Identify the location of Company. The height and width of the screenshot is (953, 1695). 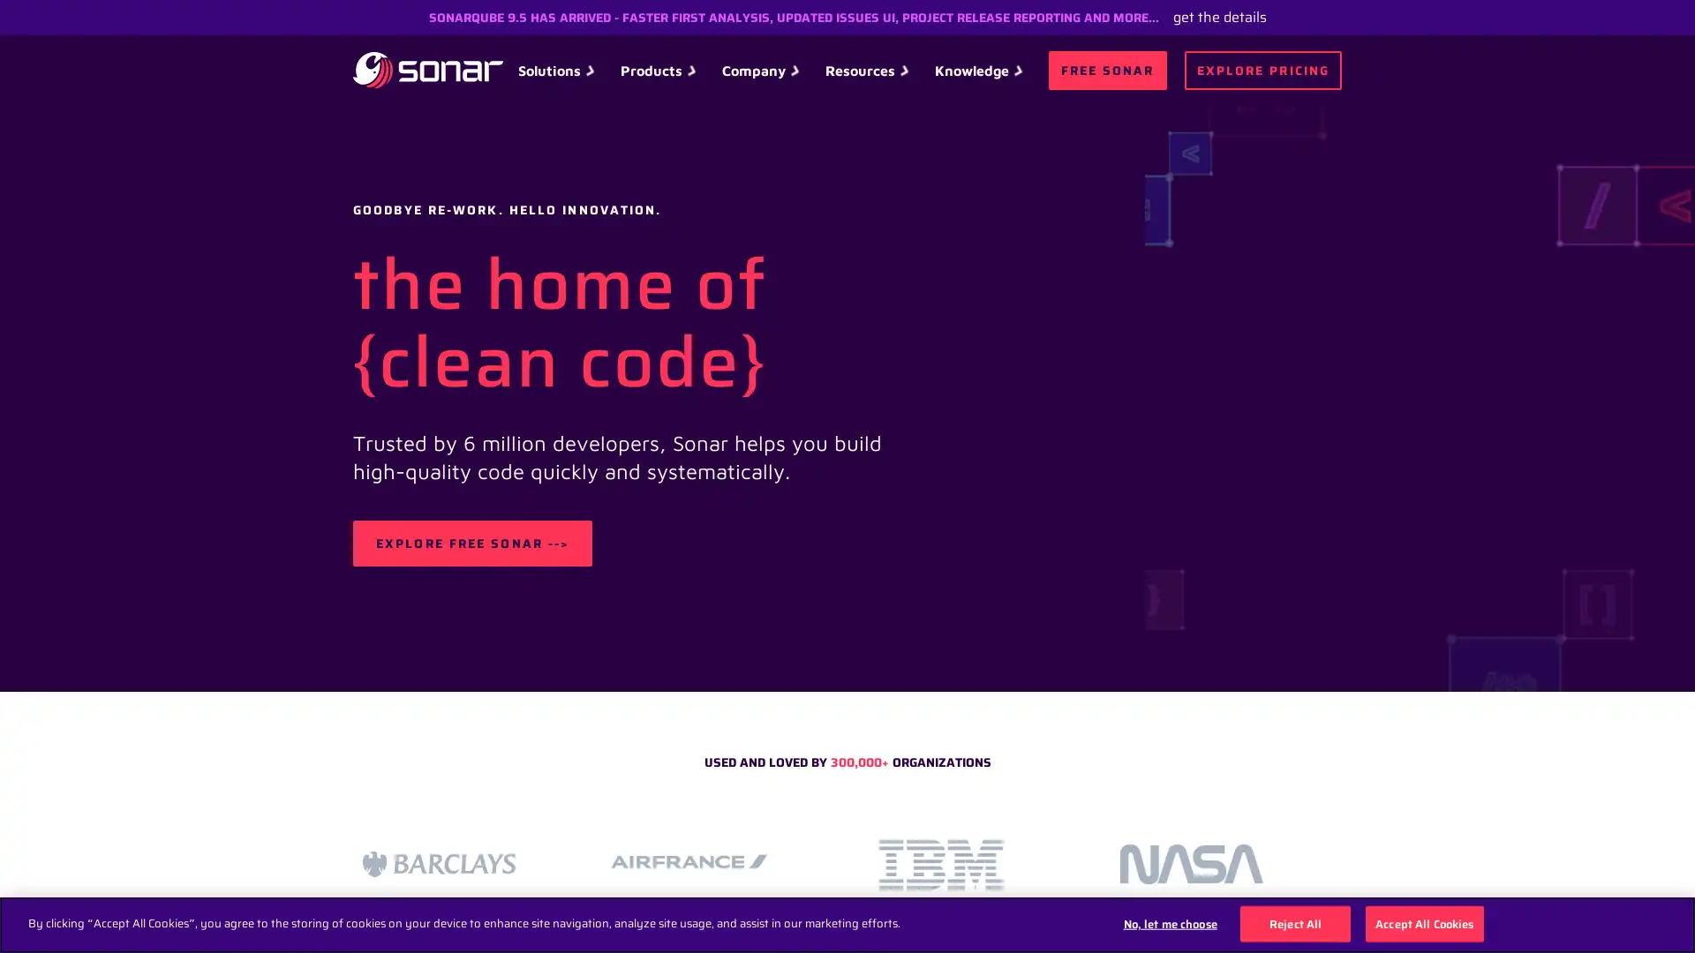
(779, 70).